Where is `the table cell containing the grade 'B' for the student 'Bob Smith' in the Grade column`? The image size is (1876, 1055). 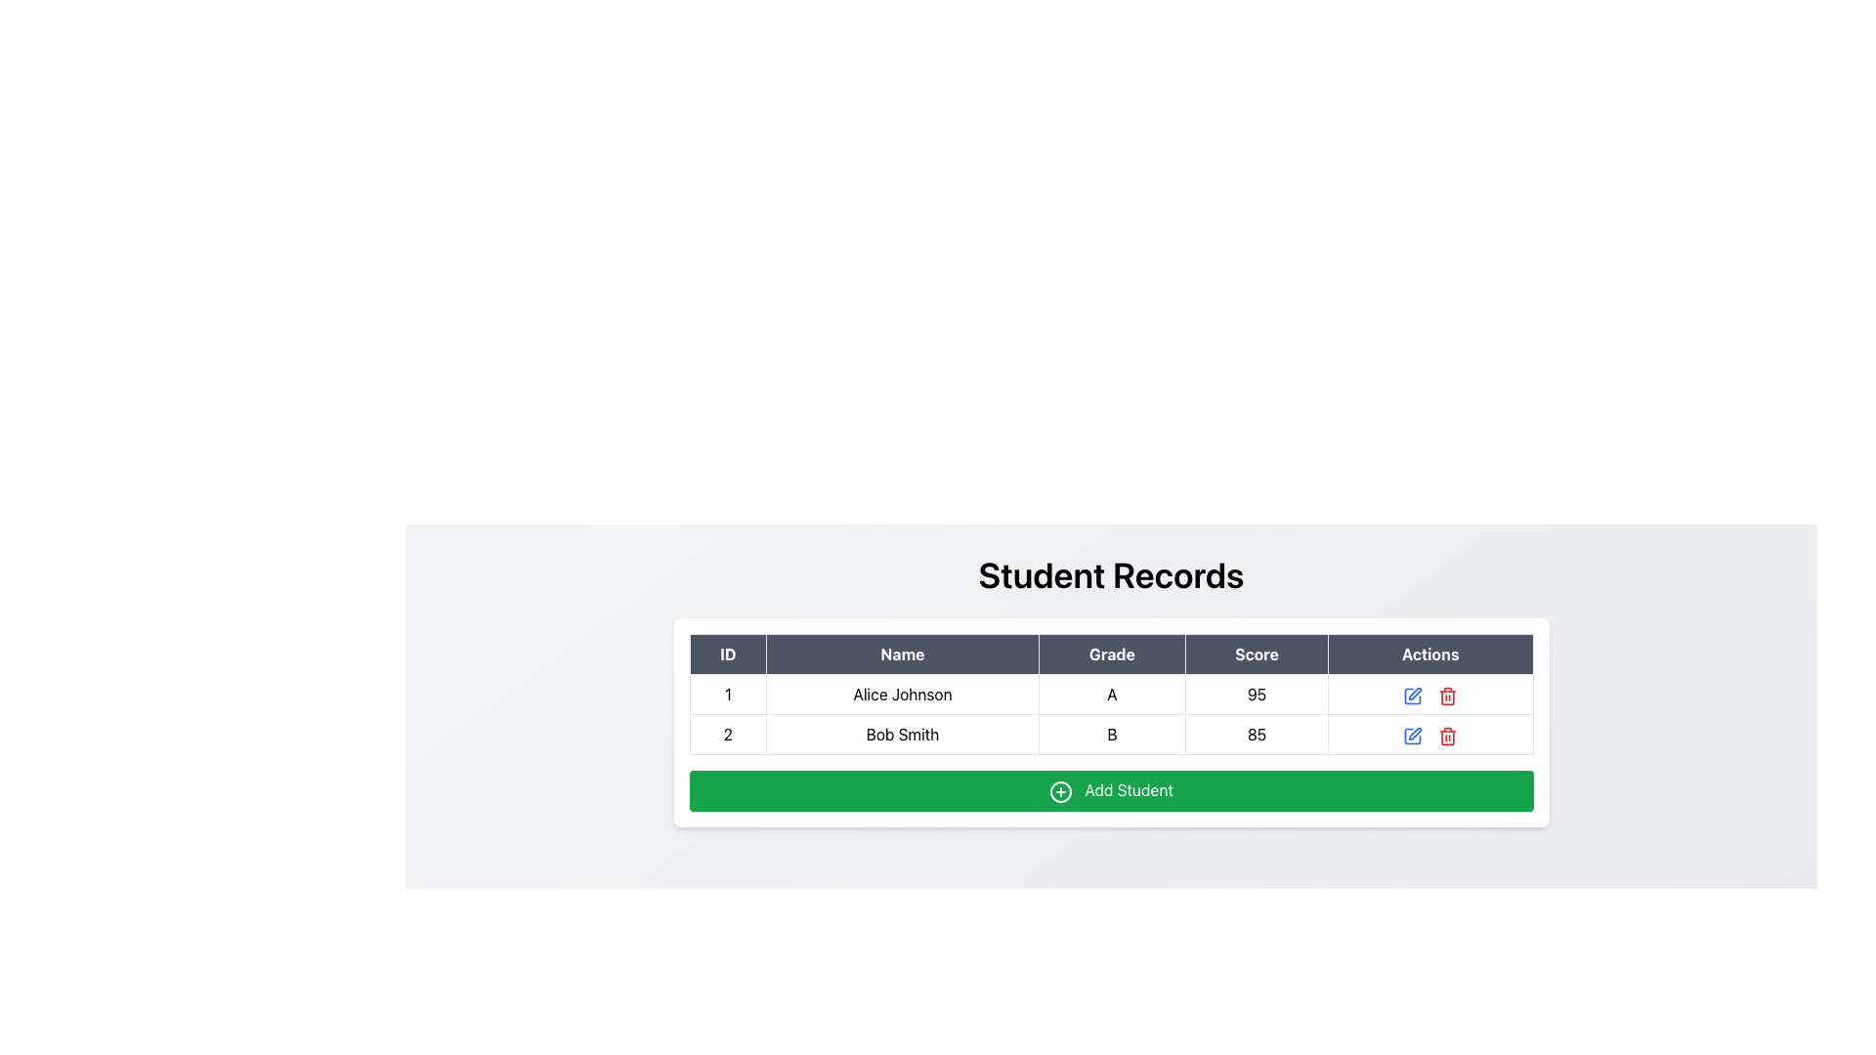
the table cell containing the grade 'B' for the student 'Bob Smith' in the Grade column is located at coordinates (1111, 735).